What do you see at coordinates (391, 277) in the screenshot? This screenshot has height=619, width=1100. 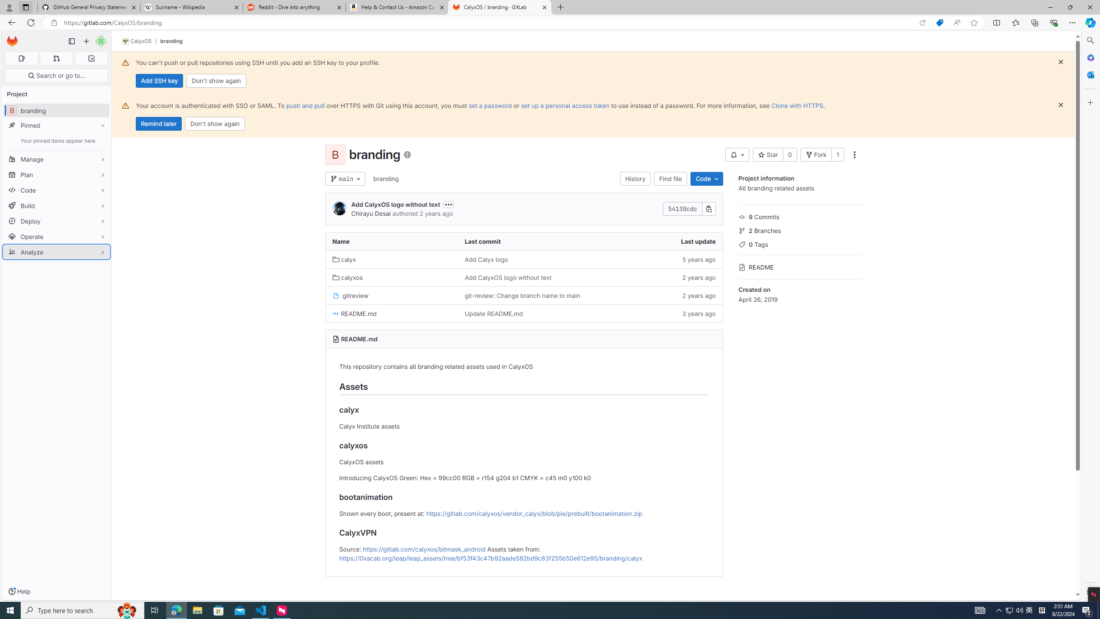 I see `'calyxos'` at bounding box center [391, 277].